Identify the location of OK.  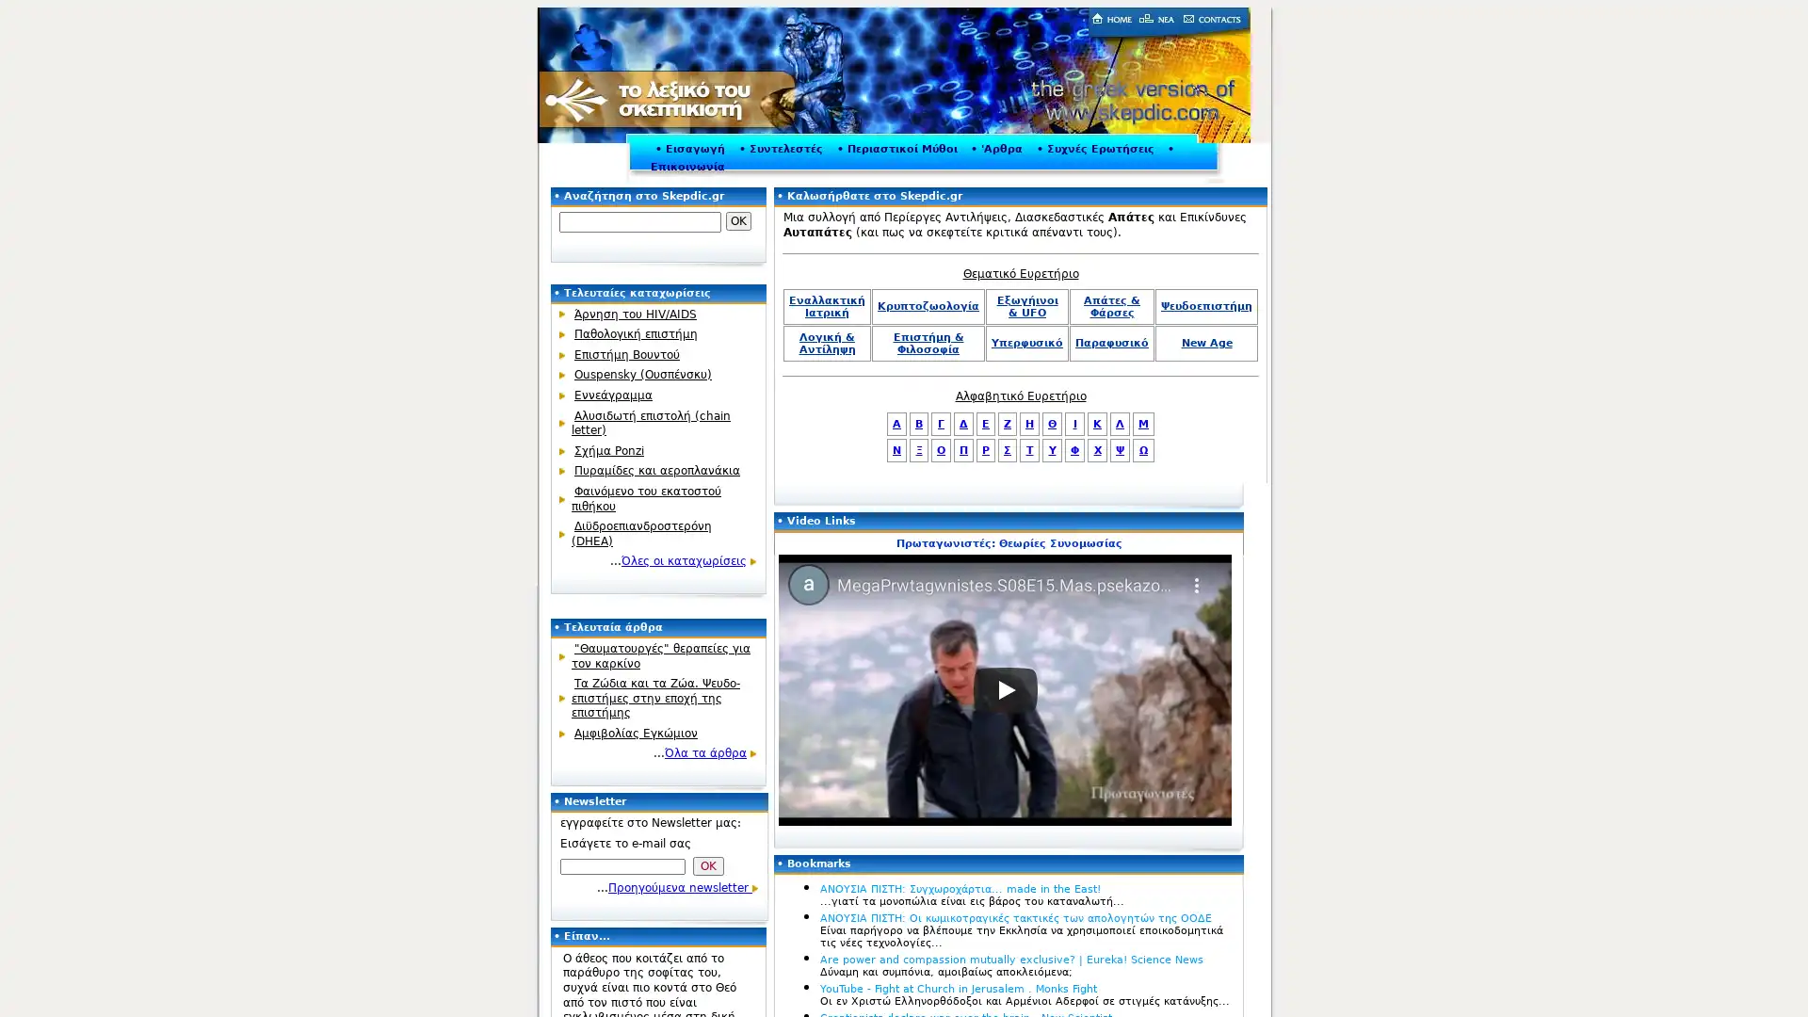
(737, 220).